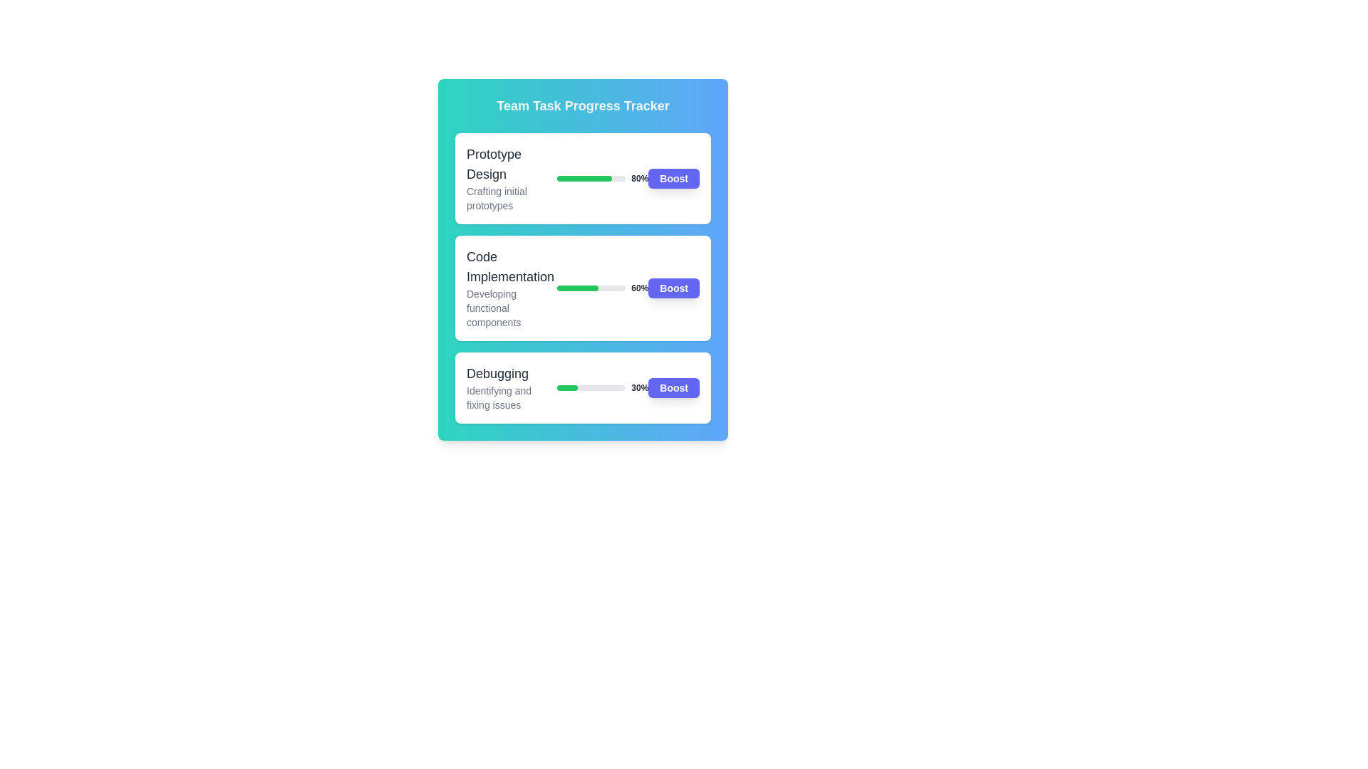  What do you see at coordinates (512, 398) in the screenshot?
I see `text label providing a description of the task labeled 'Debugging', located below the heading 'Debugging' and above the button labeled 'Boost'` at bounding box center [512, 398].